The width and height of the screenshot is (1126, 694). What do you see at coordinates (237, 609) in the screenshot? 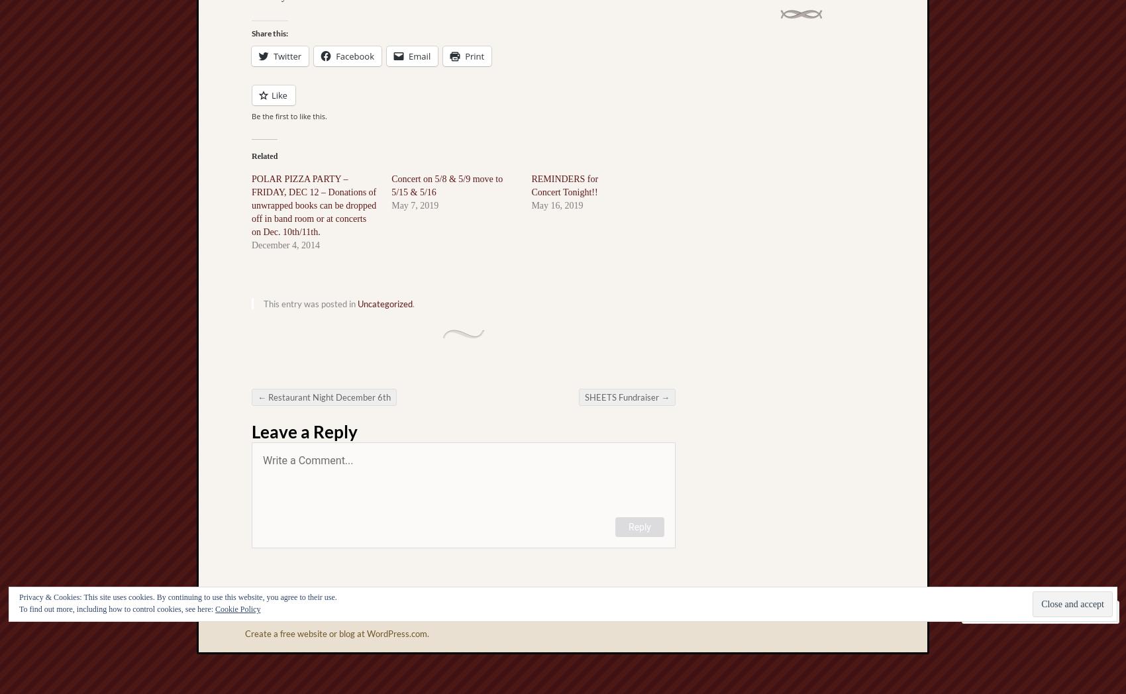
I see `'Cookie Policy'` at bounding box center [237, 609].